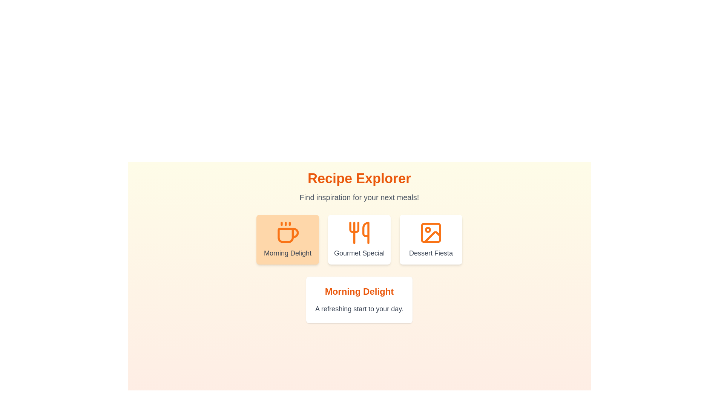 Image resolution: width=724 pixels, height=407 pixels. I want to click on the 'Dessert Fiesta' text label, which is a bold gray title centered below an orange-themed icon in the third card of a row of three cards, so click(431, 253).